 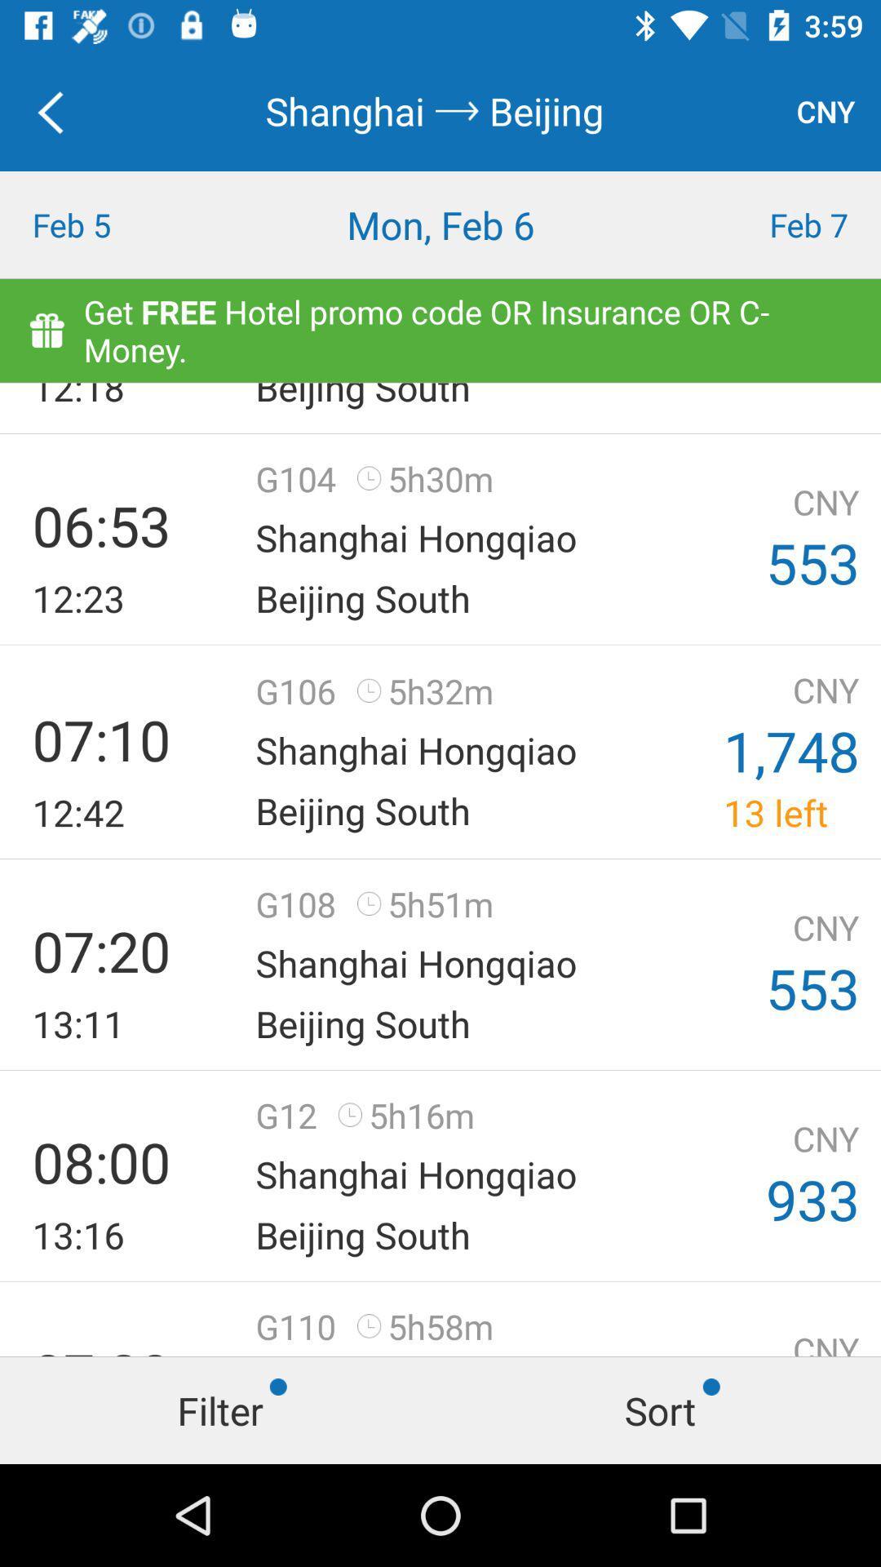 I want to click on the item below shanghai, so click(x=440, y=224).